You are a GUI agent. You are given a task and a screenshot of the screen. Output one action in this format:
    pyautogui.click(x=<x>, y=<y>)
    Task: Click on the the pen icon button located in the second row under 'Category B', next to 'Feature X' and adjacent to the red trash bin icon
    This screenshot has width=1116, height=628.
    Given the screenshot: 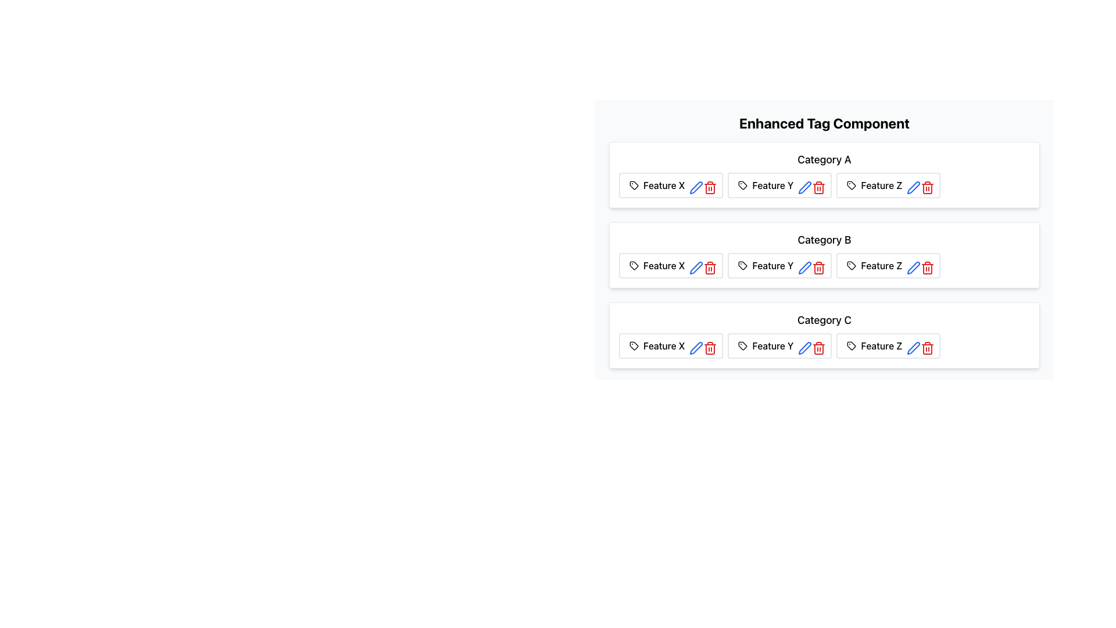 What is the action you would take?
    pyautogui.click(x=696, y=268)
    